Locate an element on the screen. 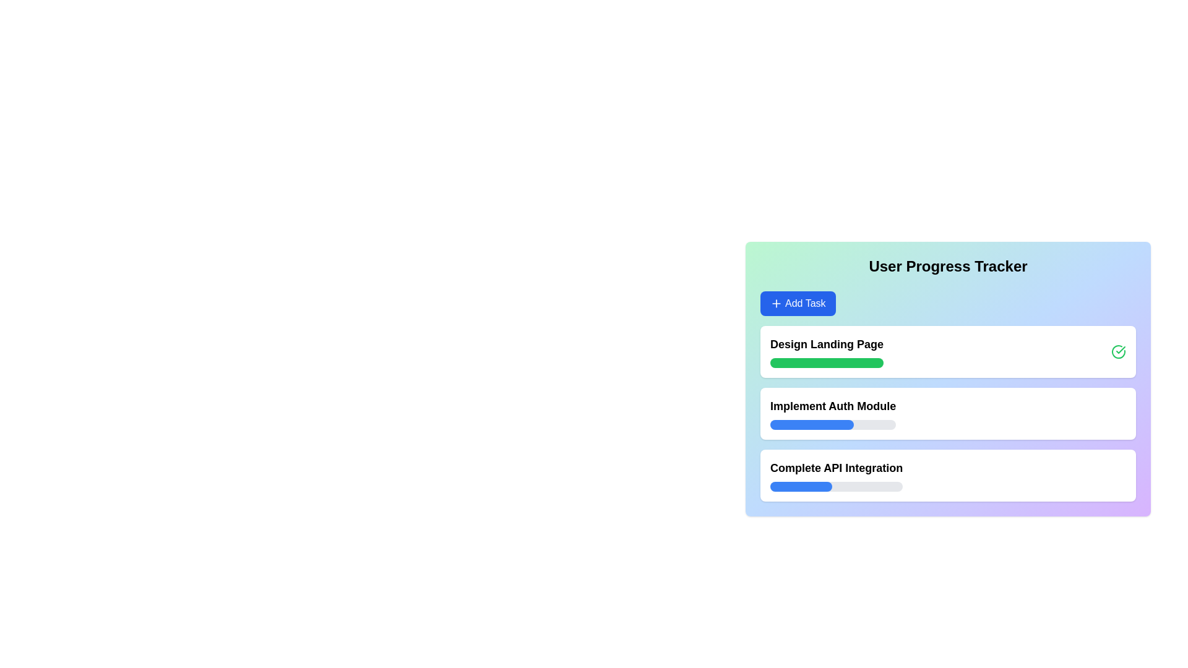 Image resolution: width=1188 pixels, height=668 pixels. the static text label displaying the task title 'Implement Auth Module' in the User Progress Tracker section is located at coordinates (833, 406).